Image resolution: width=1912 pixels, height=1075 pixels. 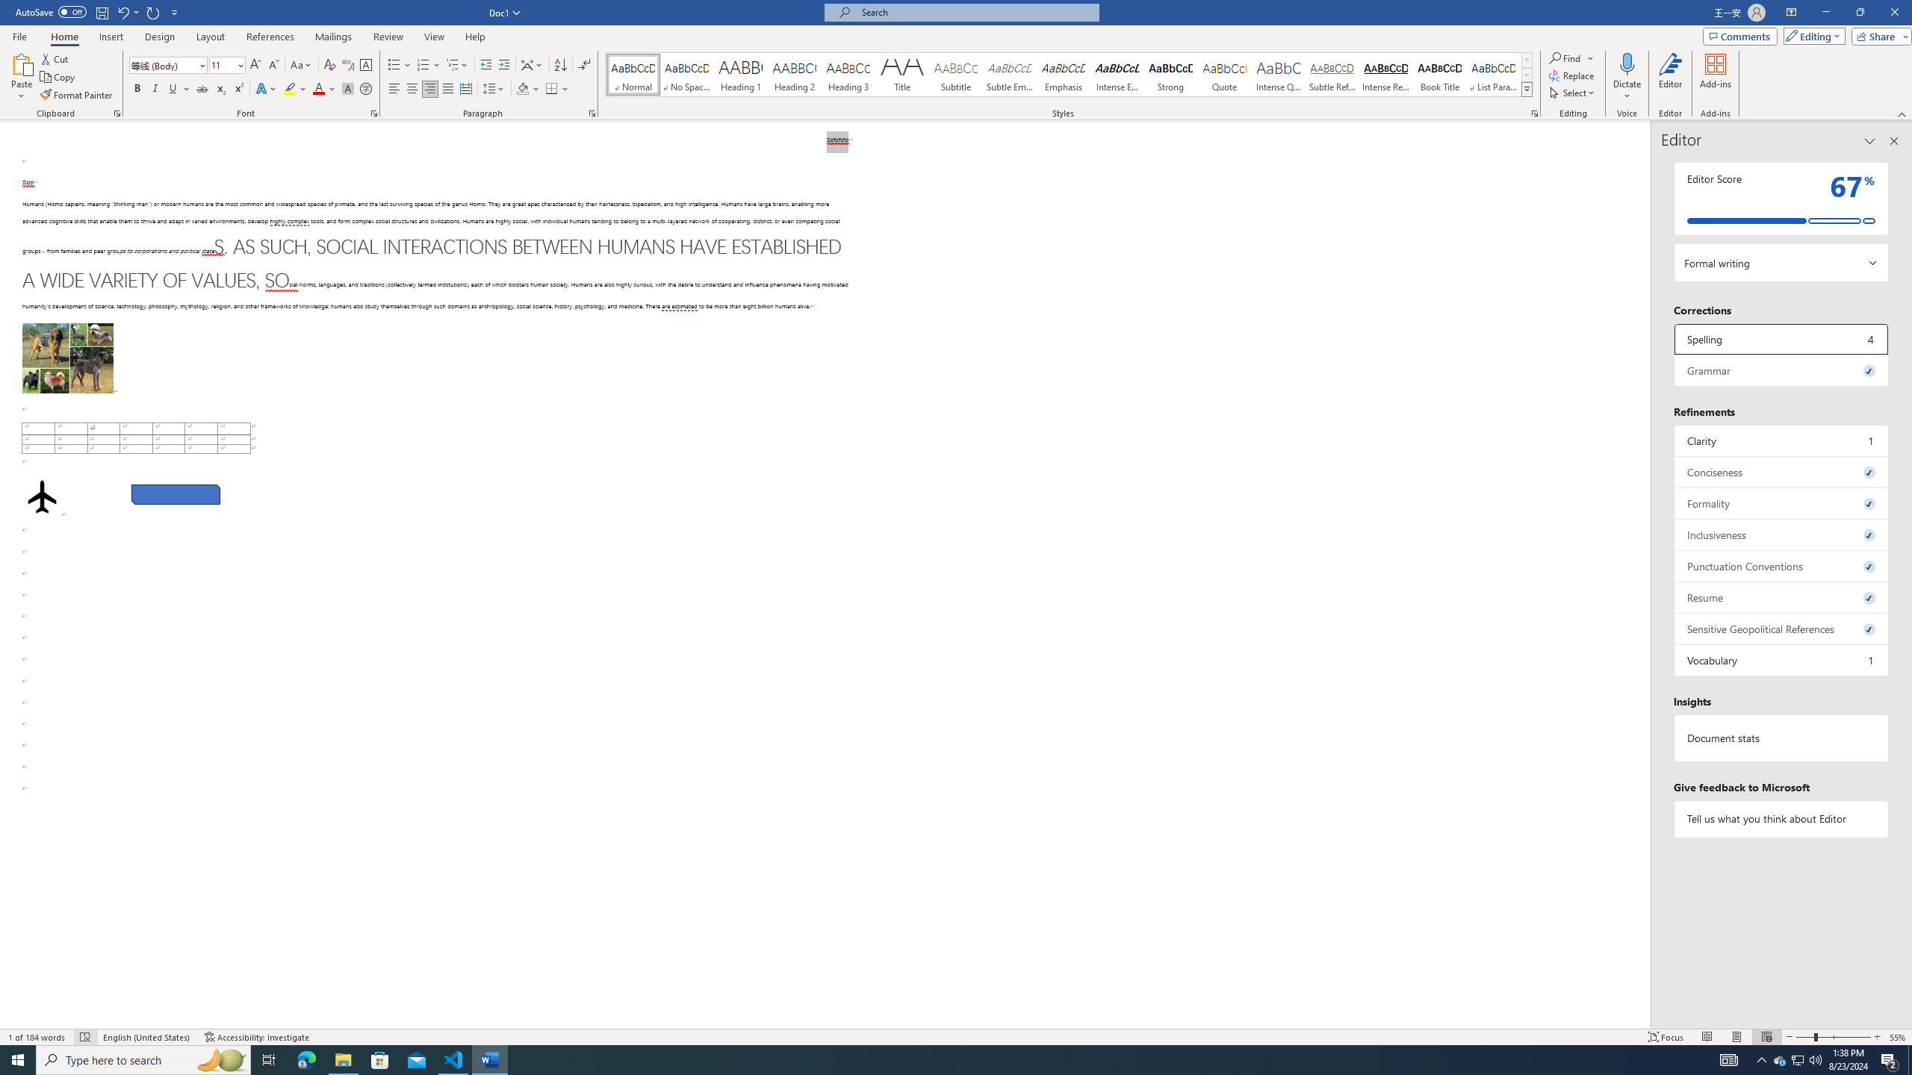 What do you see at coordinates (1117, 74) in the screenshot?
I see `'Intense Emphasis'` at bounding box center [1117, 74].